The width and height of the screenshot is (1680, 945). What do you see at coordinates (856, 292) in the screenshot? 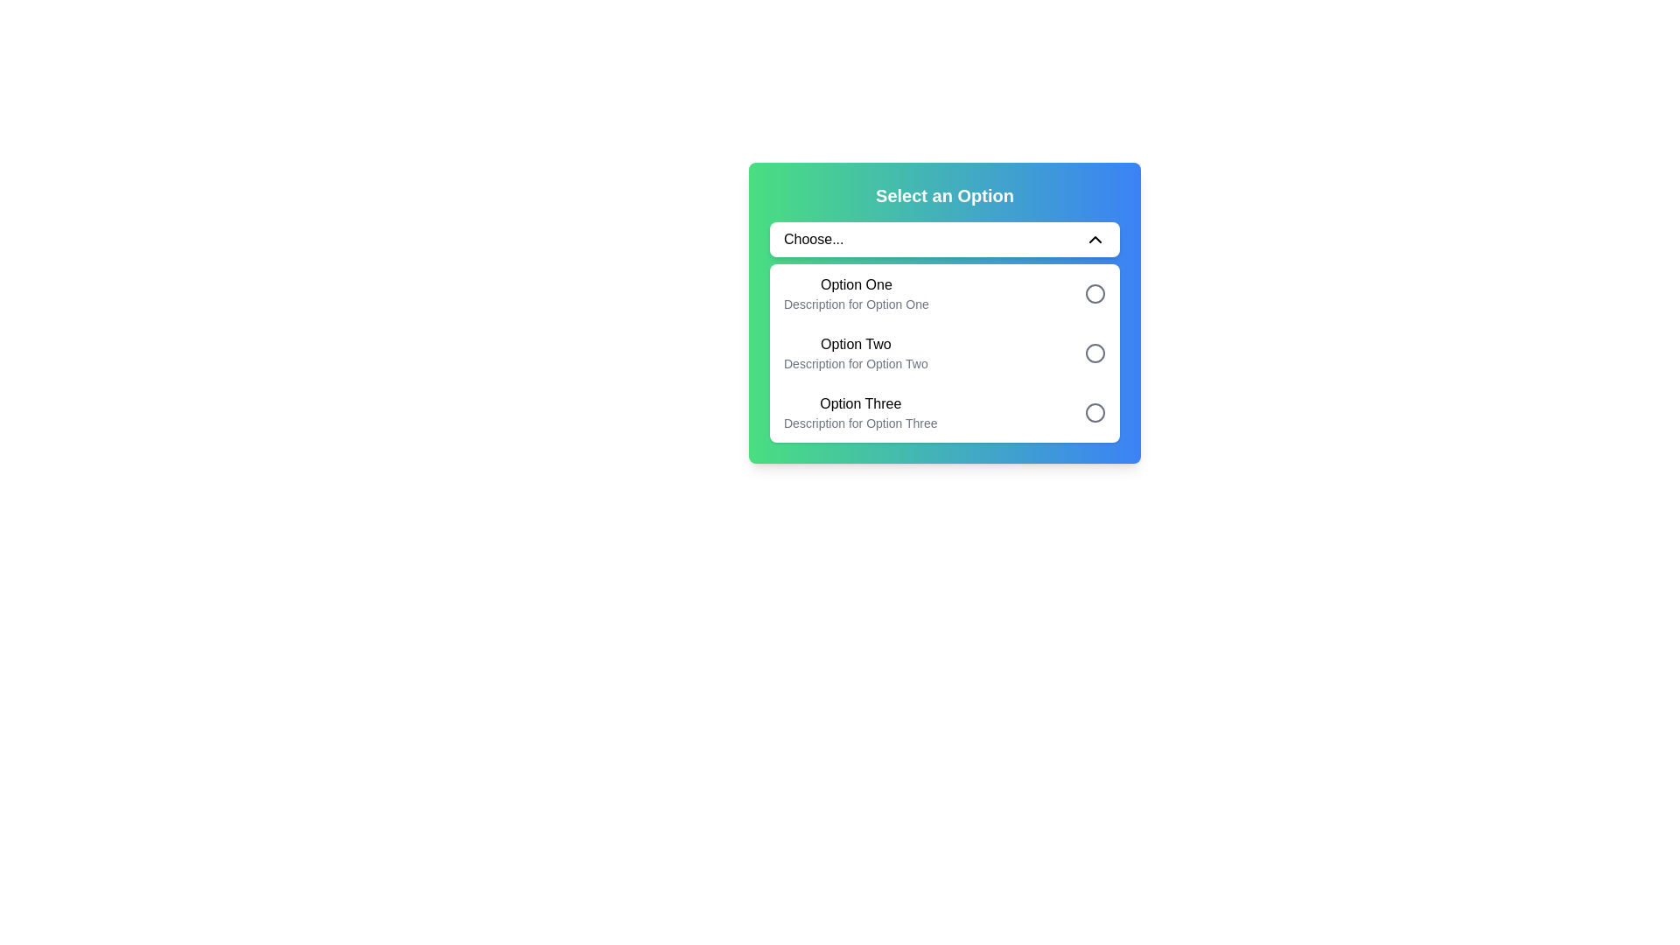
I see `the first selectable option in the dropdown menu, which displays 'Option One' in bold followed by its description` at bounding box center [856, 292].